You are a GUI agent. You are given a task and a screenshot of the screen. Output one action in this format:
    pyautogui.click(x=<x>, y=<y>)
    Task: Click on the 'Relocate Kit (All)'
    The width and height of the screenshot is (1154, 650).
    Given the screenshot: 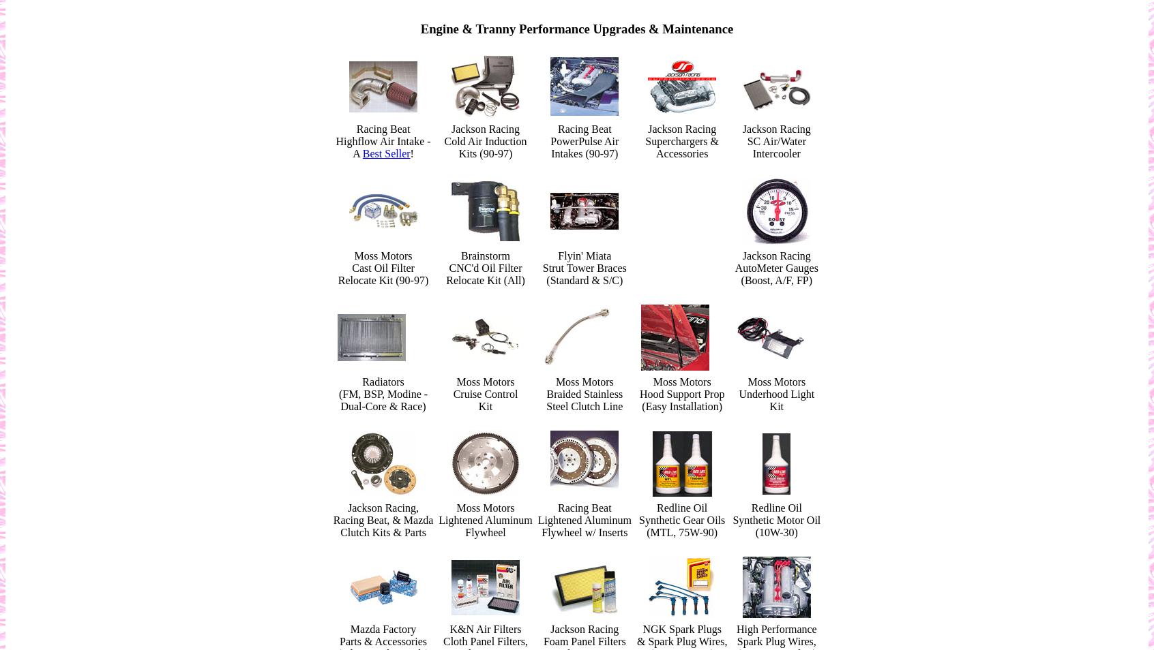 What is the action you would take?
    pyautogui.click(x=484, y=280)
    